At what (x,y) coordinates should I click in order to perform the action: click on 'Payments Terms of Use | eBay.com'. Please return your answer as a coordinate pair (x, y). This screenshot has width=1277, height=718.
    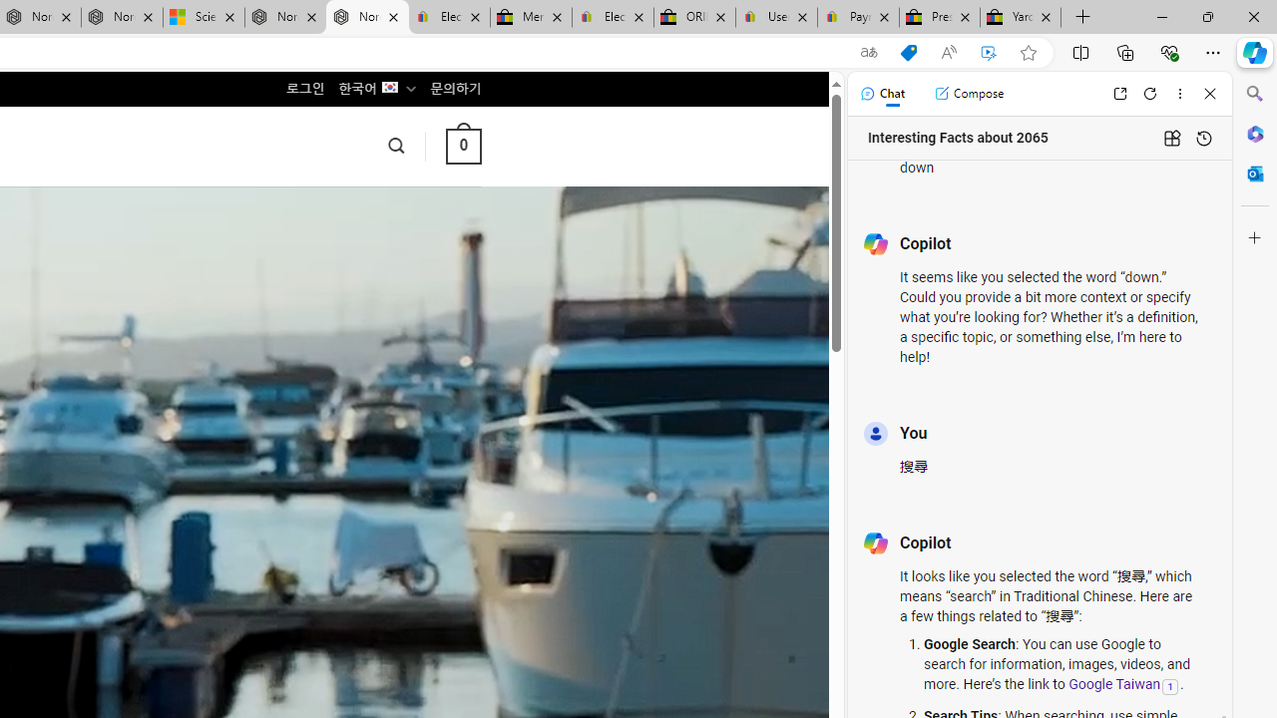
    Looking at the image, I should click on (858, 17).